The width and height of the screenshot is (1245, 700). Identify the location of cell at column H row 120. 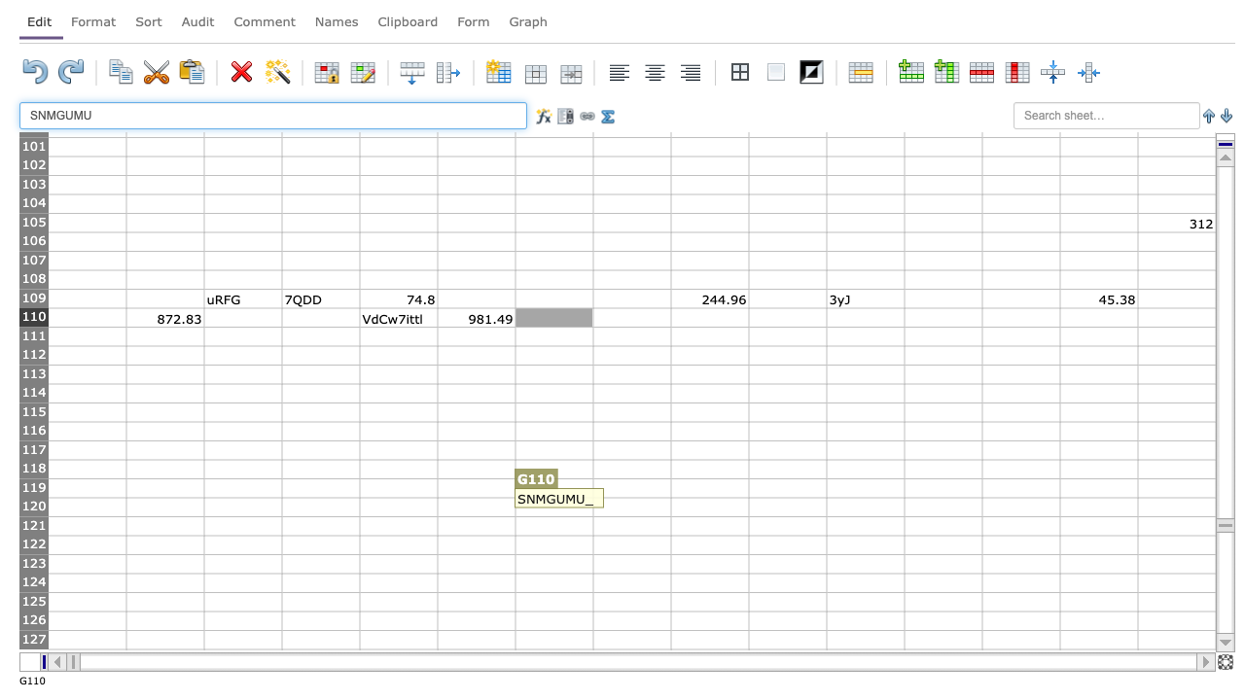
(631, 506).